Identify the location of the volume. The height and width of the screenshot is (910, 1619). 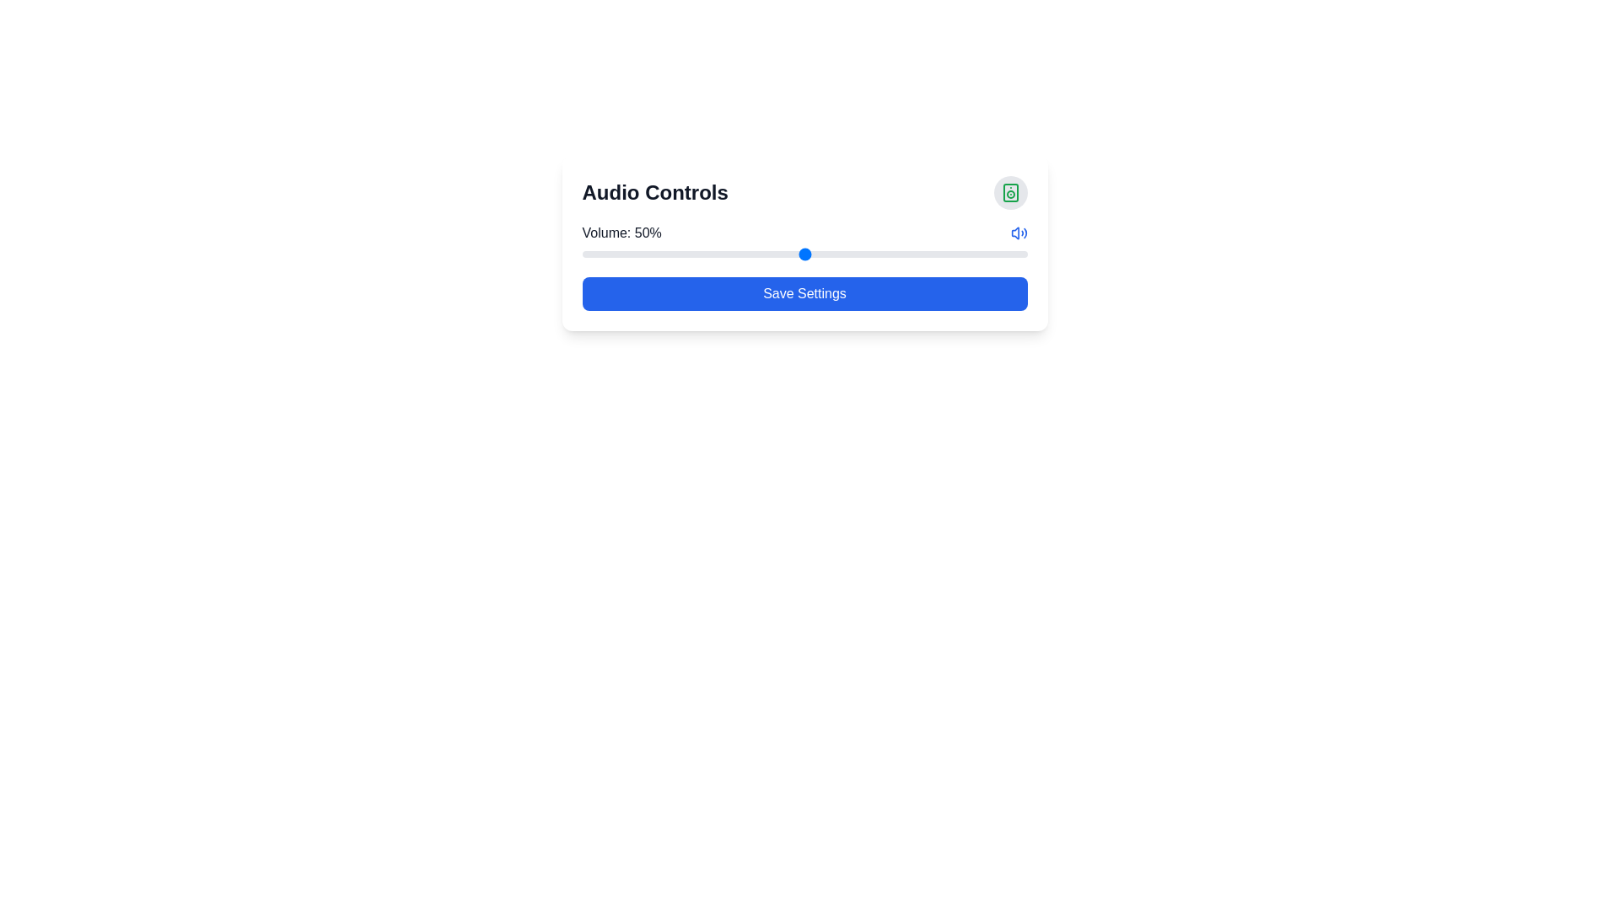
(626, 254).